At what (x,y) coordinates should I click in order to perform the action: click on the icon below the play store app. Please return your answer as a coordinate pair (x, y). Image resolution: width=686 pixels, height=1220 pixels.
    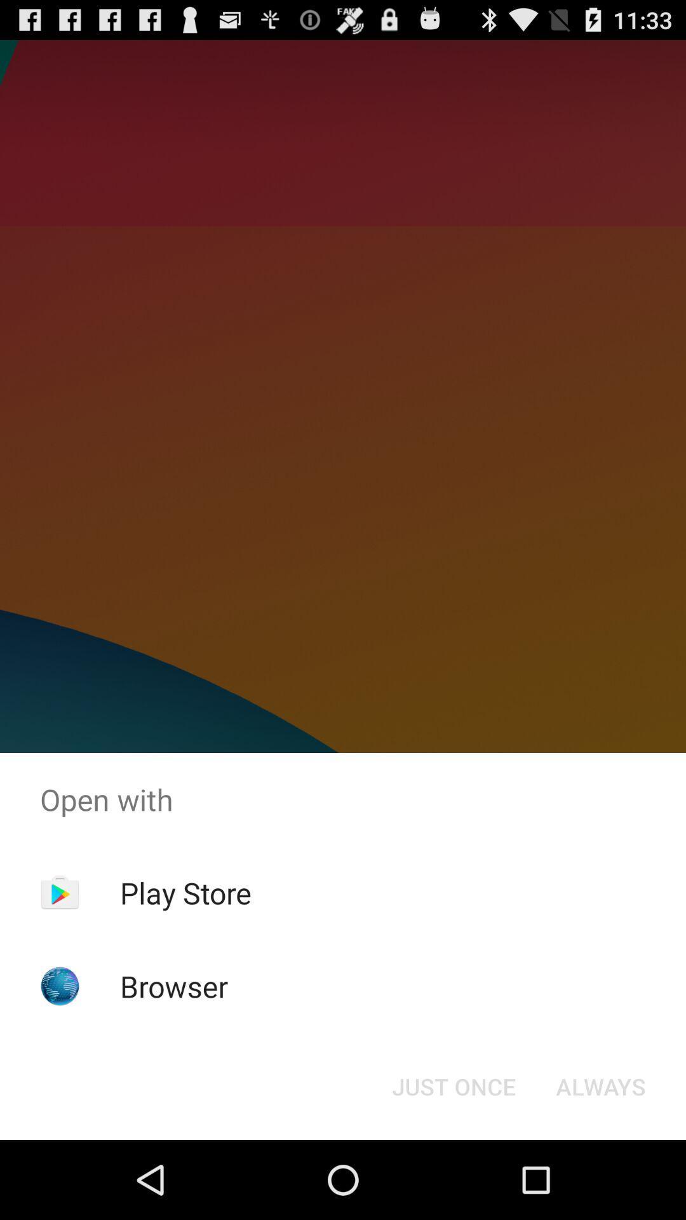
    Looking at the image, I should click on (174, 986).